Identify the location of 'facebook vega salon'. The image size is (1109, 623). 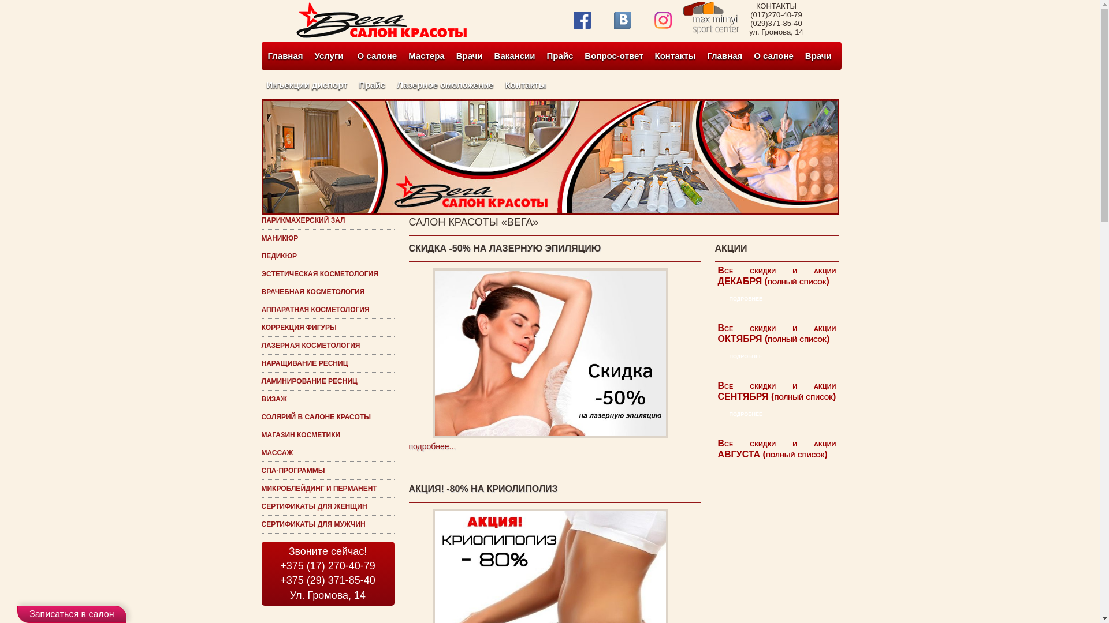
(573, 20).